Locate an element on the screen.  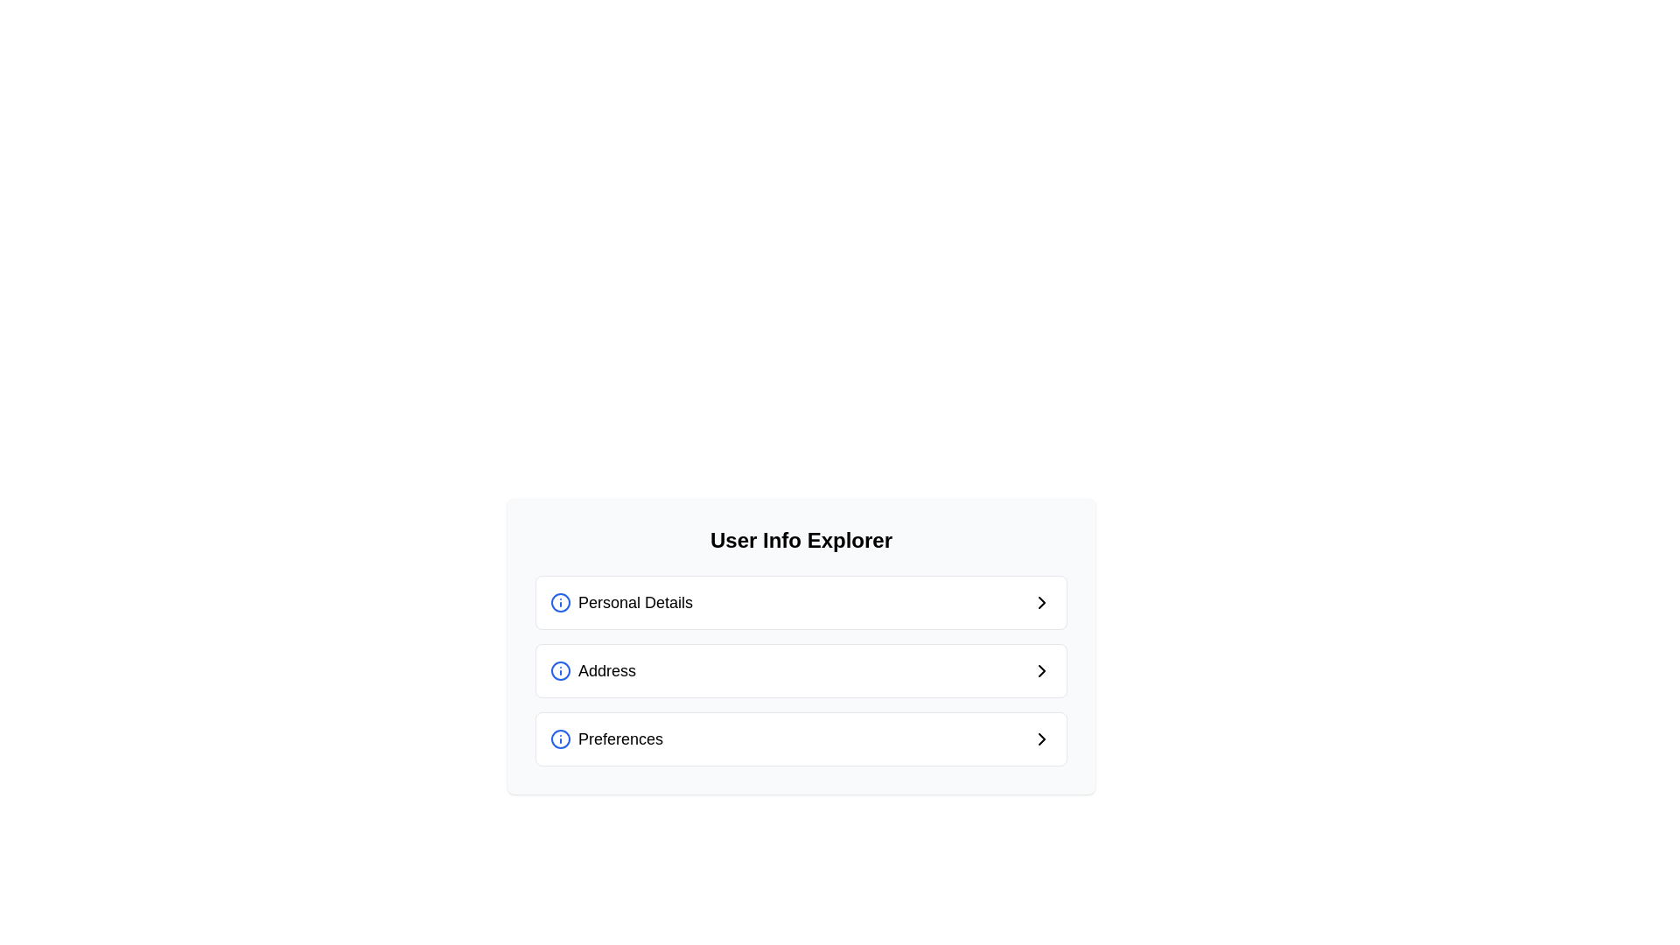
the second row in the clickable list, which serves as a selectable row leading to the user's address details is located at coordinates (801, 647).